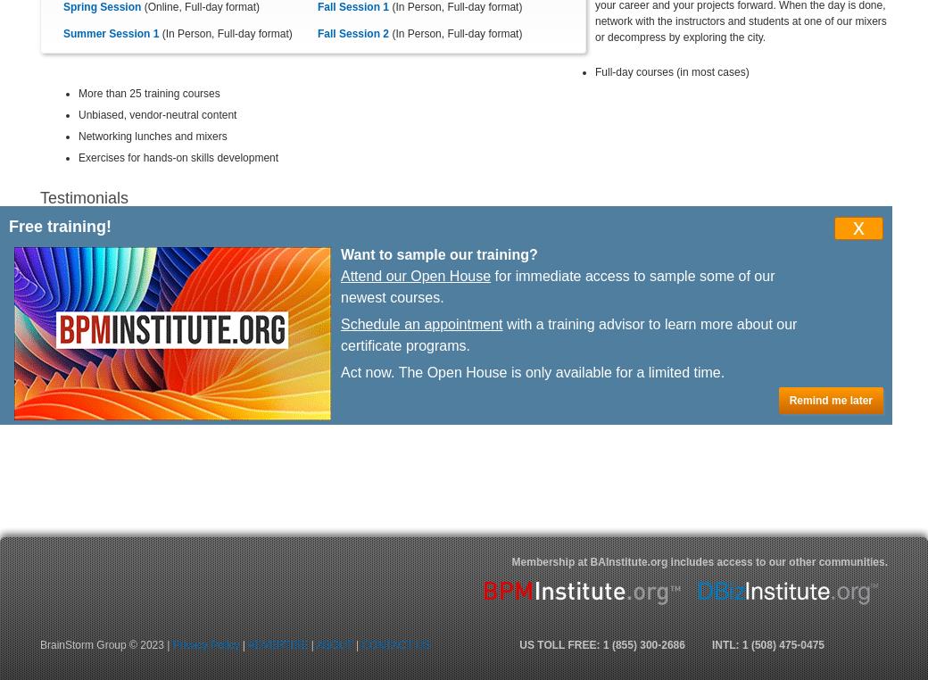 Image resolution: width=928 pixels, height=680 pixels. What do you see at coordinates (858, 226) in the screenshot?
I see `'x'` at bounding box center [858, 226].